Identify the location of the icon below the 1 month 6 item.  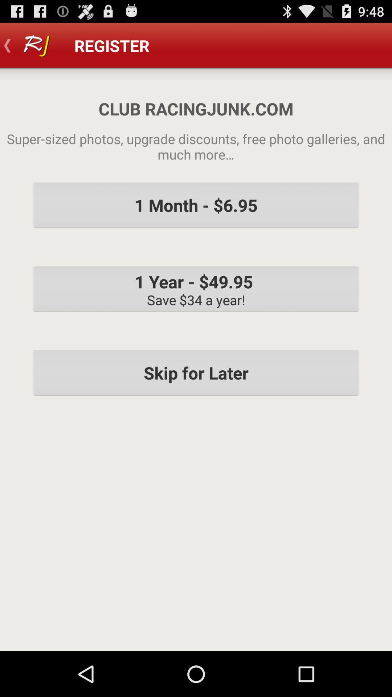
(196, 289).